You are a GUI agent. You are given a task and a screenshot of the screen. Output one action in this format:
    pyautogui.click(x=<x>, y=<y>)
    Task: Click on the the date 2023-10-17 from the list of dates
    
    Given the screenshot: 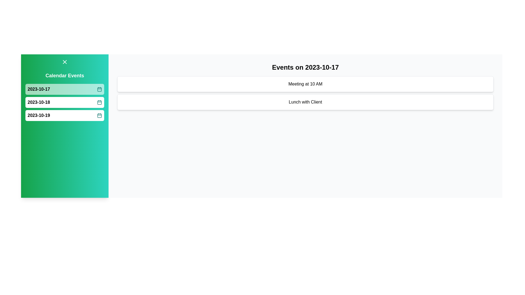 What is the action you would take?
    pyautogui.click(x=65, y=89)
    